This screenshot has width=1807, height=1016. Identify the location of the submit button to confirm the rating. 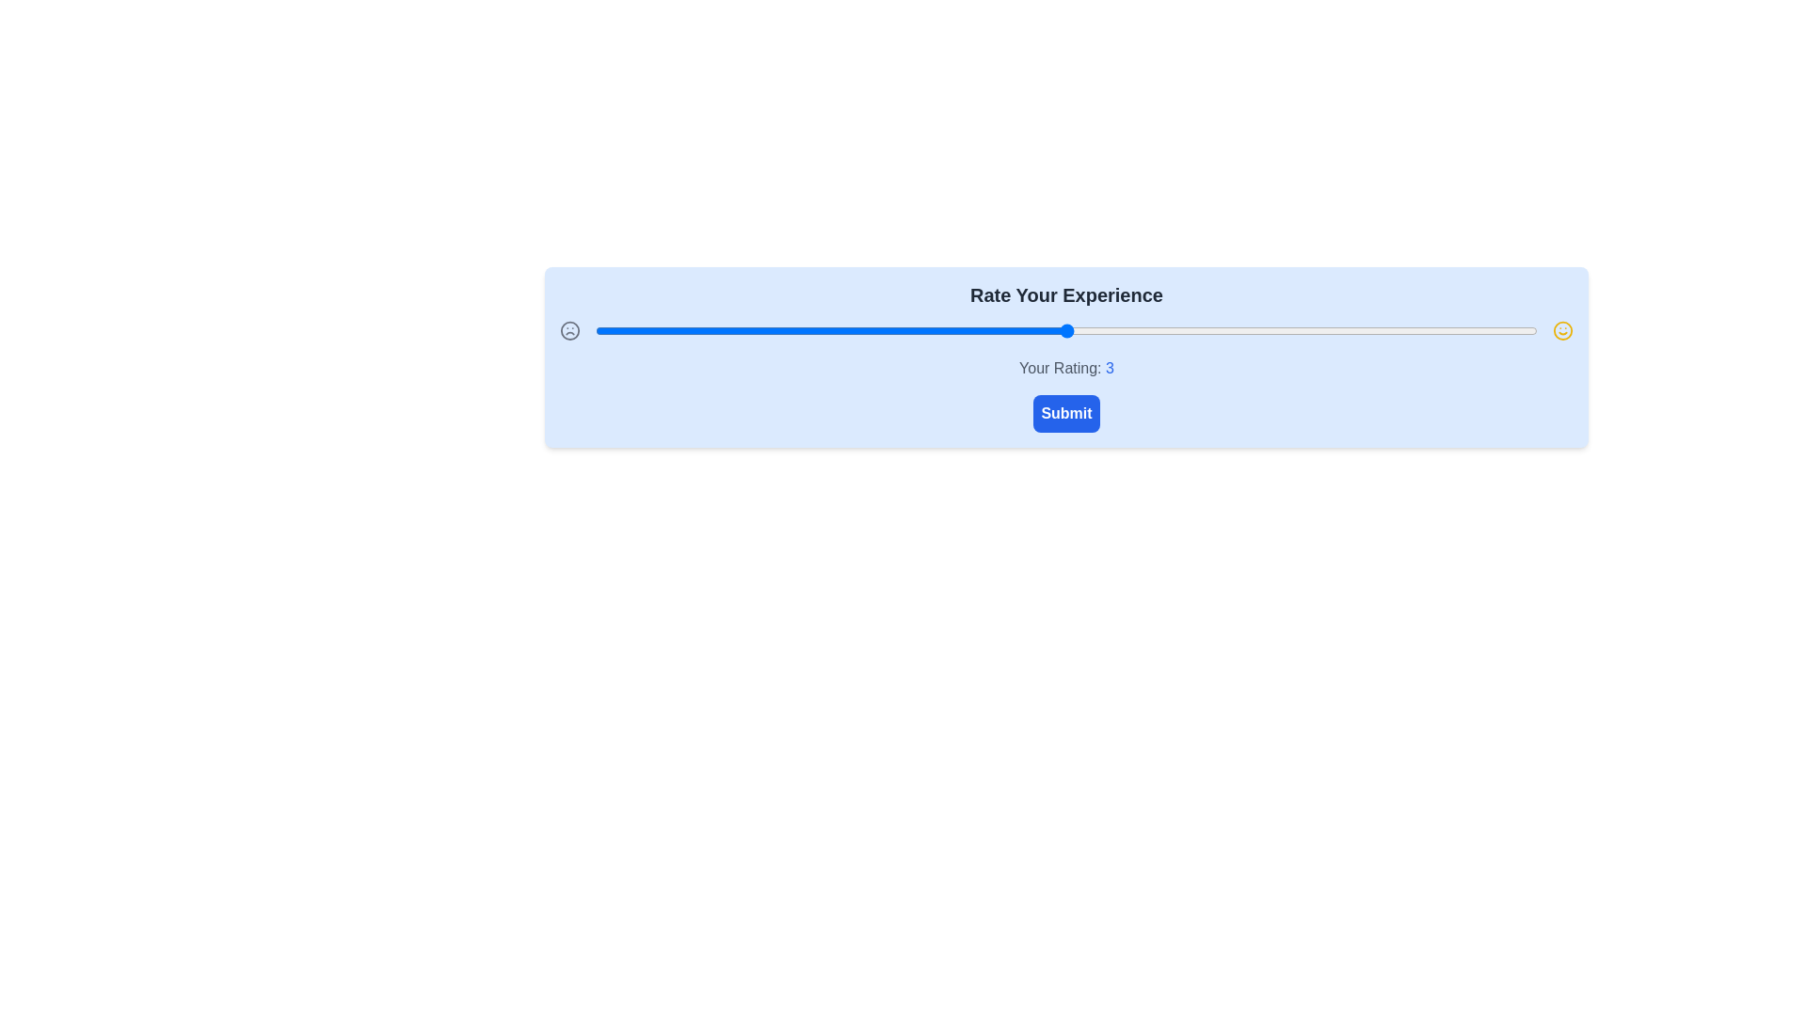
(1066, 412).